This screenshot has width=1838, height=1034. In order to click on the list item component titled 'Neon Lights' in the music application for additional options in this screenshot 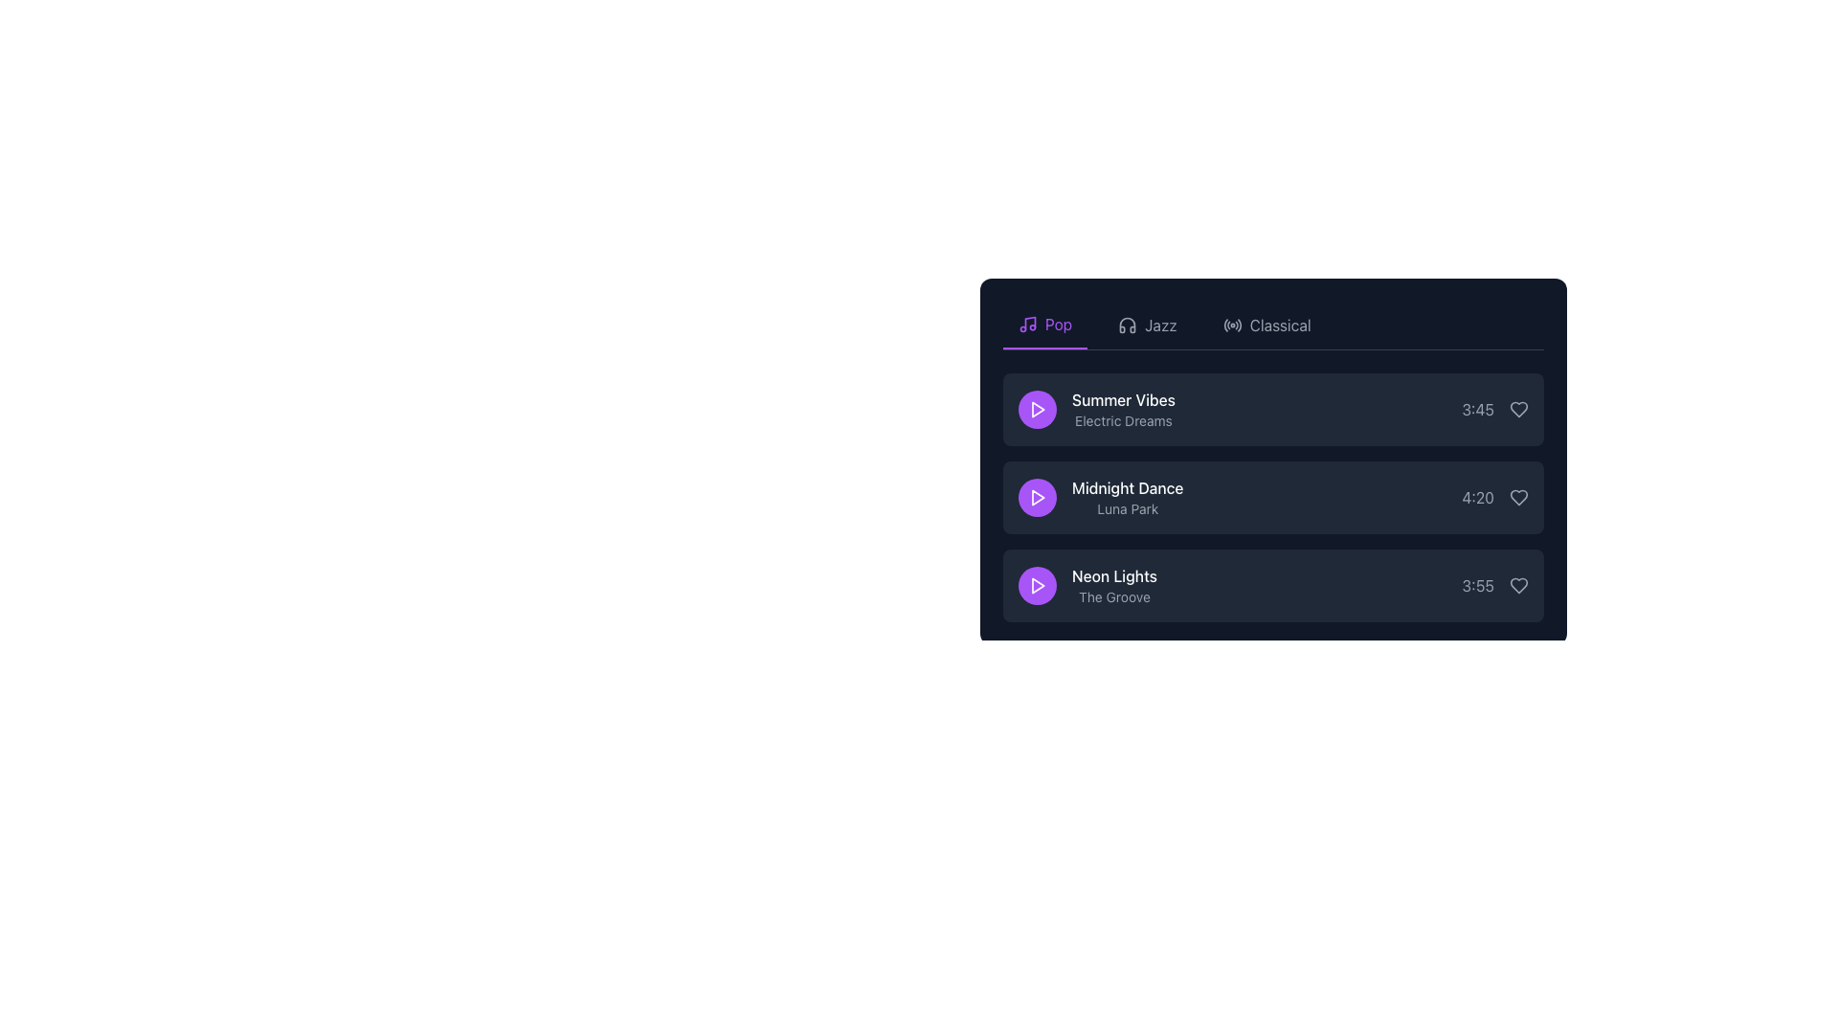, I will do `click(1273, 585)`.